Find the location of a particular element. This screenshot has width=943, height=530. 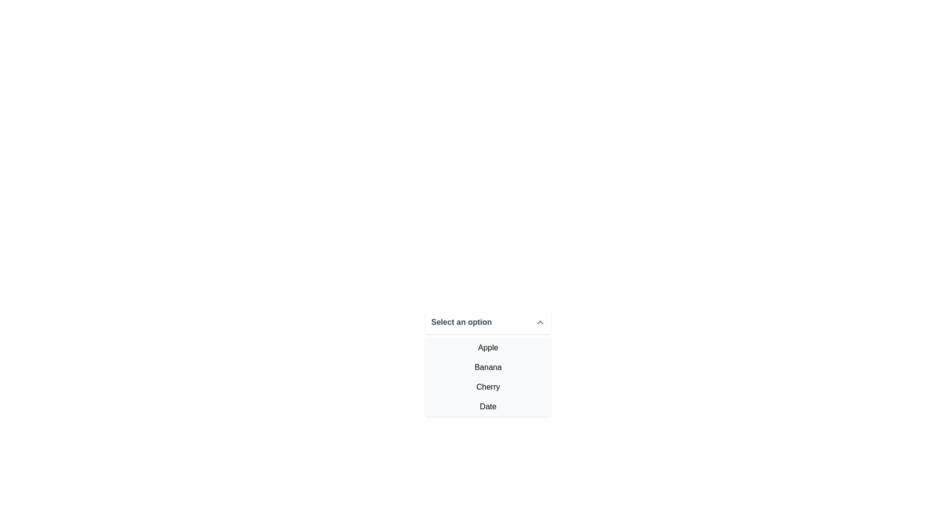

the Dropdown menu header displaying 'Select an option' is located at coordinates (488, 322).